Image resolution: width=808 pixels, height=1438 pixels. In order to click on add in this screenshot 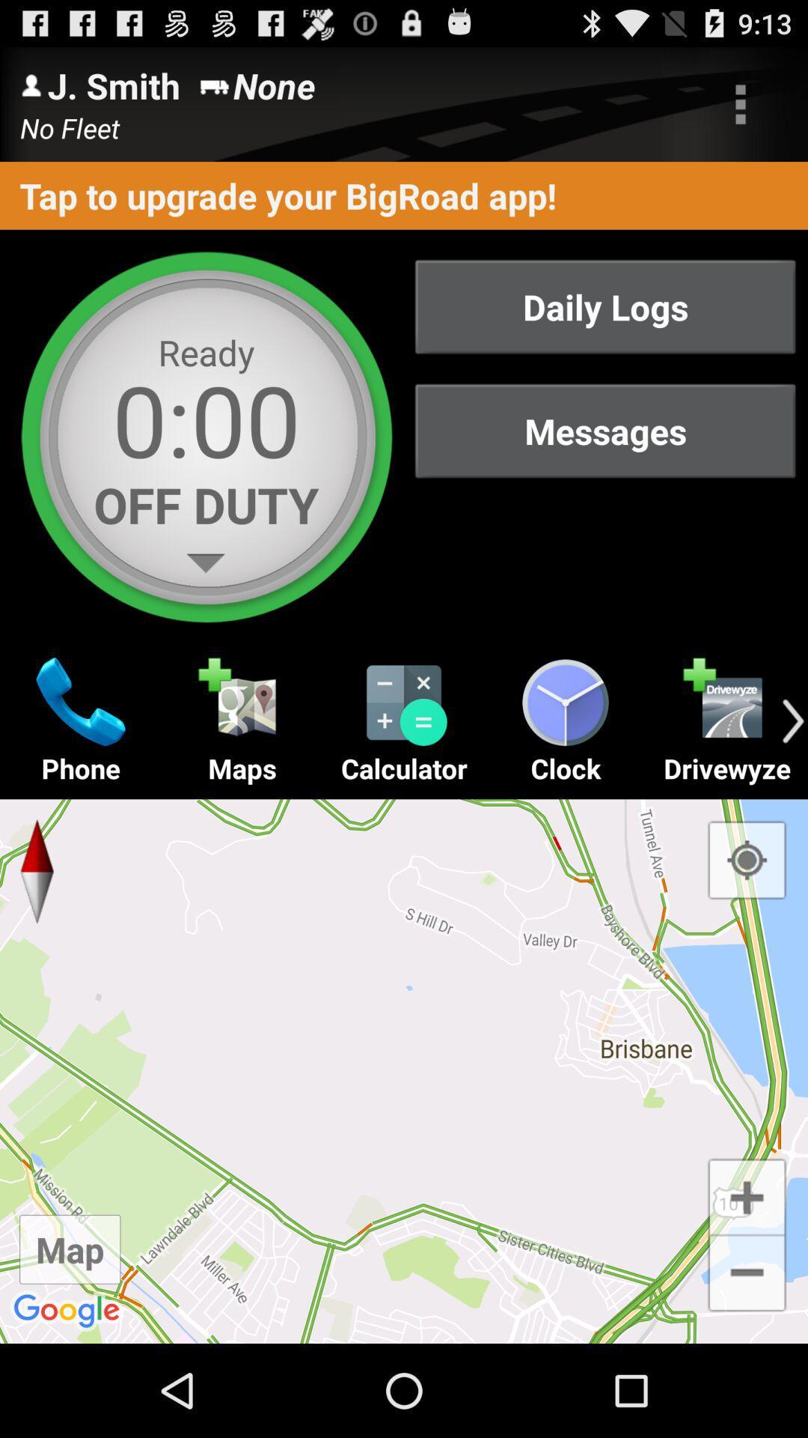, I will do `click(747, 1195)`.